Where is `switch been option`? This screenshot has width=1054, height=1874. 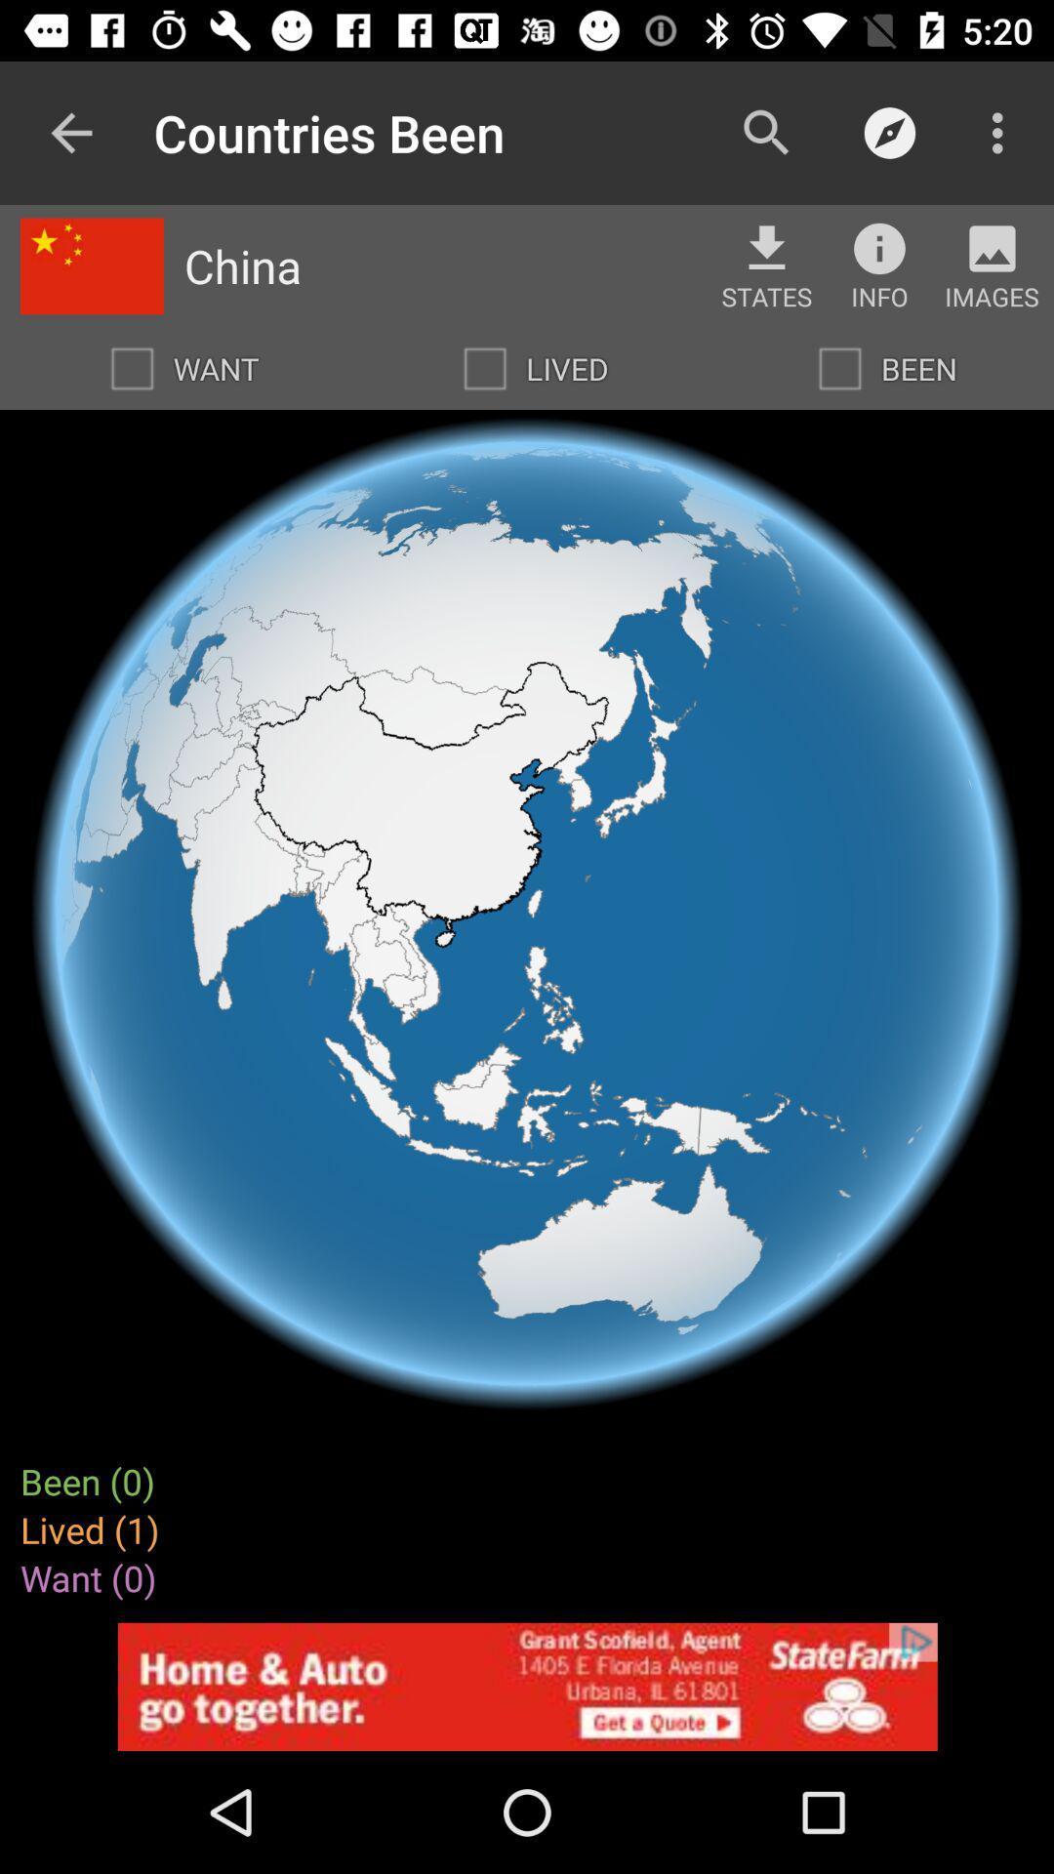
switch been option is located at coordinates (838, 369).